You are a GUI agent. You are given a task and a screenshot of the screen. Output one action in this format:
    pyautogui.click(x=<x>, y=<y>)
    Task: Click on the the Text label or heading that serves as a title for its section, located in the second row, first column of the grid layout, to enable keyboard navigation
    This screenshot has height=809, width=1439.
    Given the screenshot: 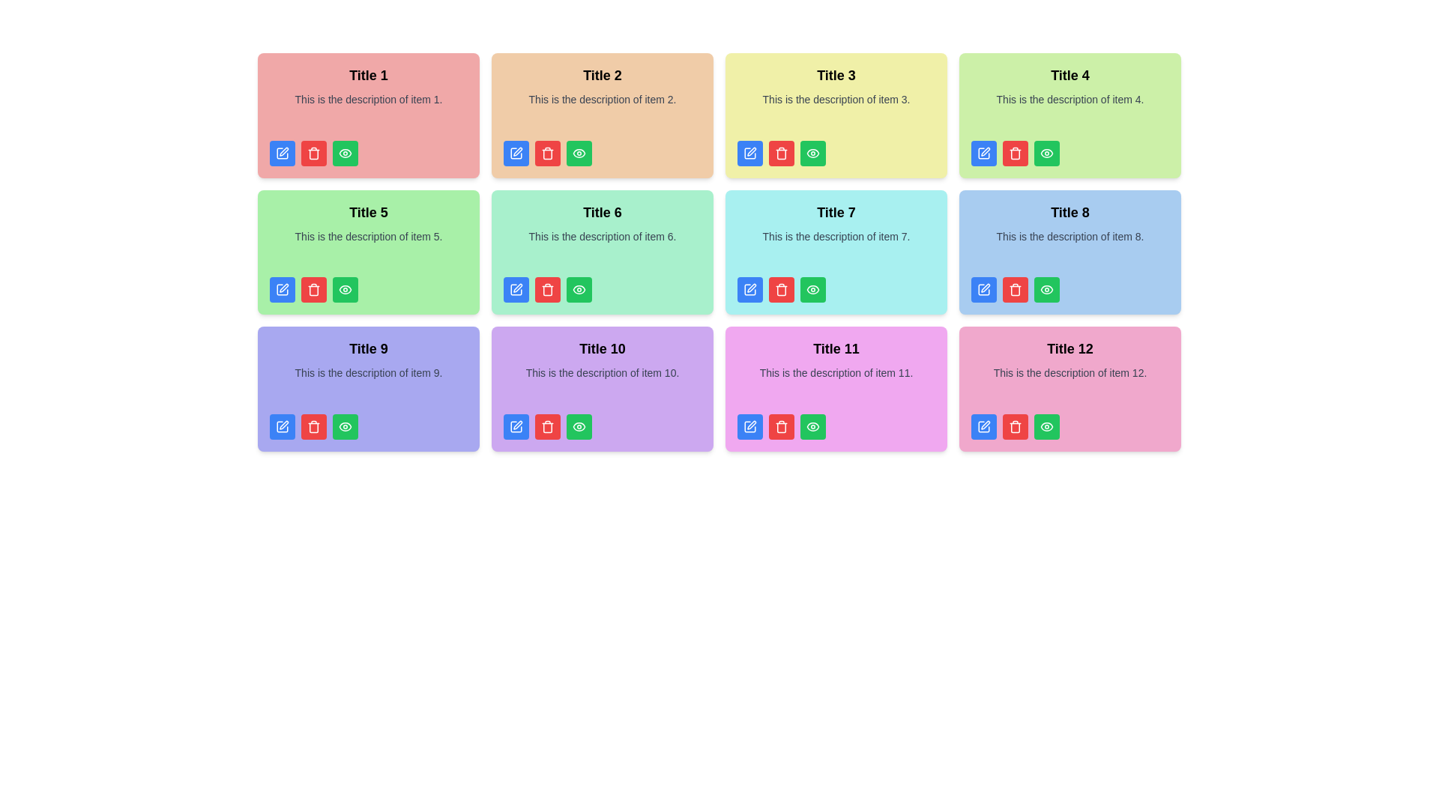 What is the action you would take?
    pyautogui.click(x=368, y=212)
    